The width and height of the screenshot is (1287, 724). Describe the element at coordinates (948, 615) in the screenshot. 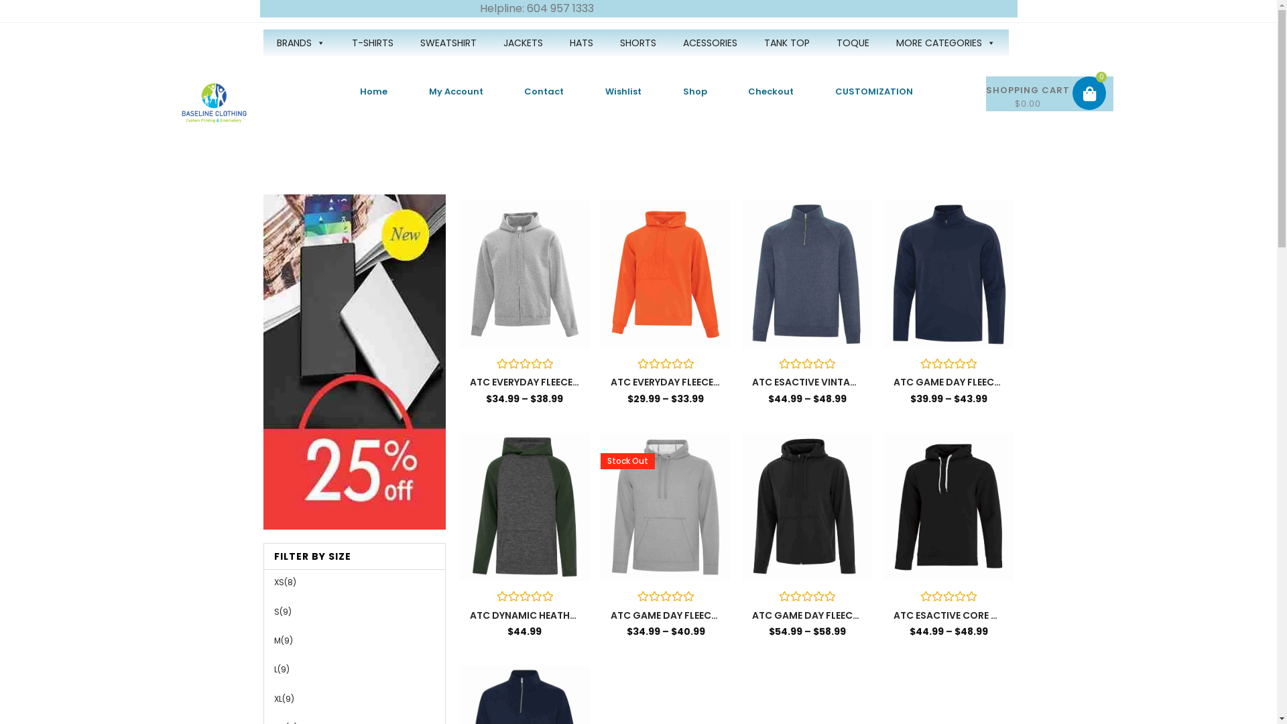

I see `'ATC ESACTIVE CORE HOODED SWEATSHIRT F2016'` at that location.